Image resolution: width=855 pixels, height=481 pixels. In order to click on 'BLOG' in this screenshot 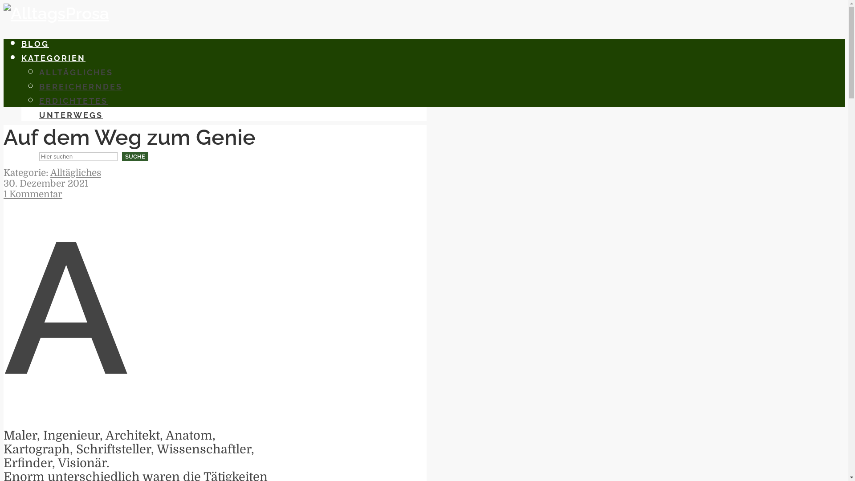, I will do `click(35, 44)`.